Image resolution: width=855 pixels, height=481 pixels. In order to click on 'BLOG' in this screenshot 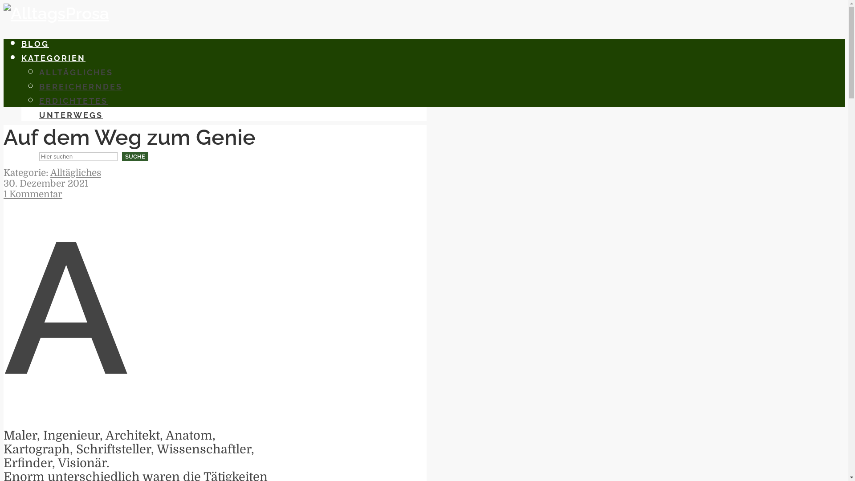, I will do `click(35, 44)`.